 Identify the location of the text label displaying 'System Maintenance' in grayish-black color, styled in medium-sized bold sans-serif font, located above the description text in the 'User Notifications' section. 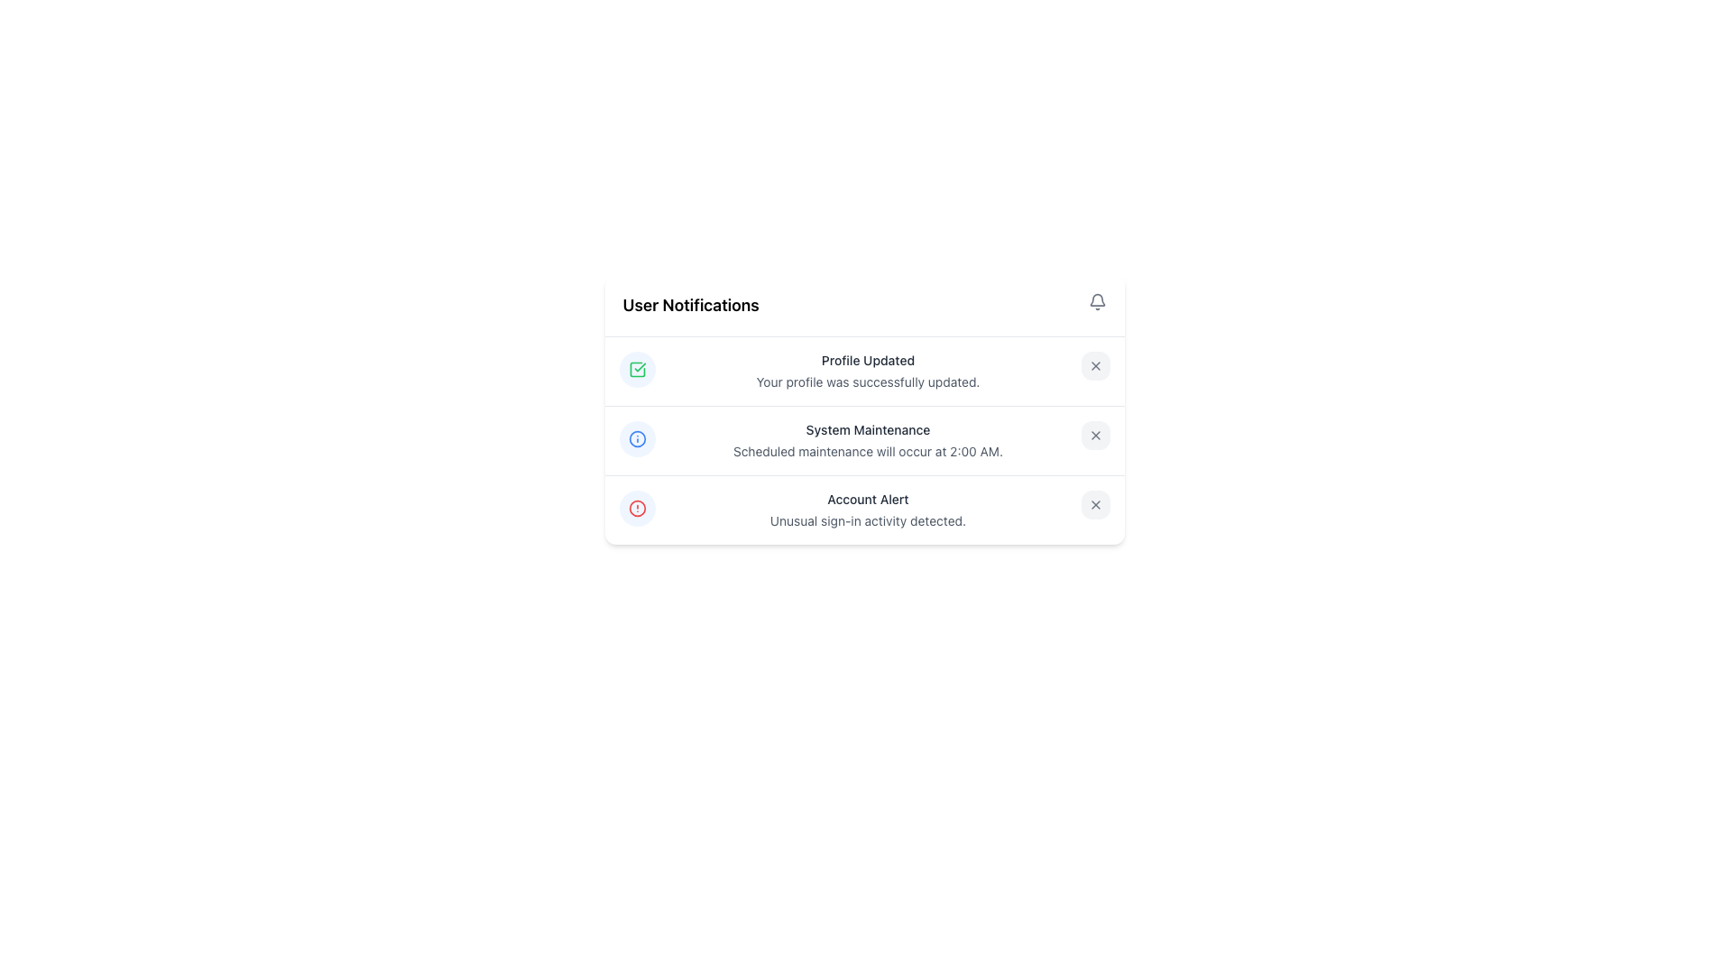
(868, 430).